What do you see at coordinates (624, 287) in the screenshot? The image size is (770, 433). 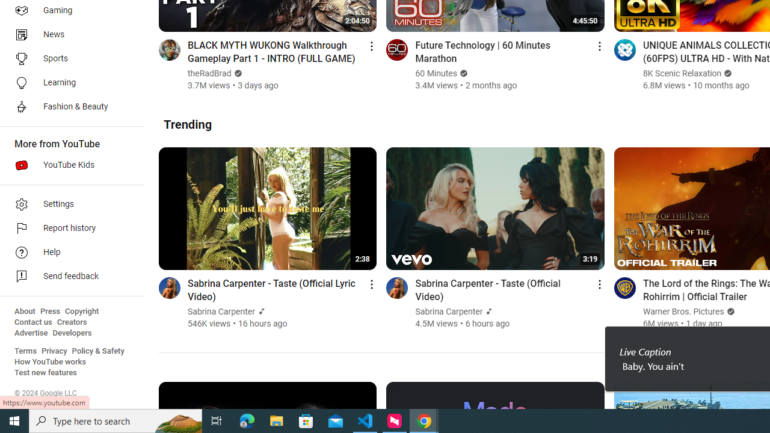 I see `'Go to channel'` at bounding box center [624, 287].